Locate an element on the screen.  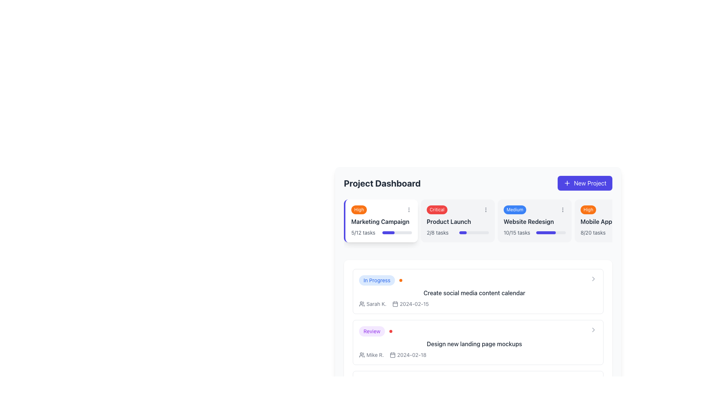
the right-facing chevron icon located in the top-right corner of the box containing the text 'Create social media content calendar' is located at coordinates (593, 279).